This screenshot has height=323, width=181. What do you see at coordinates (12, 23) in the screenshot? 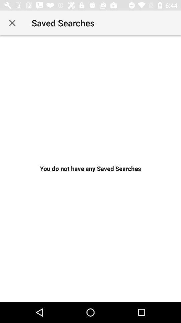
I see `item to the left of the saved searches icon` at bounding box center [12, 23].